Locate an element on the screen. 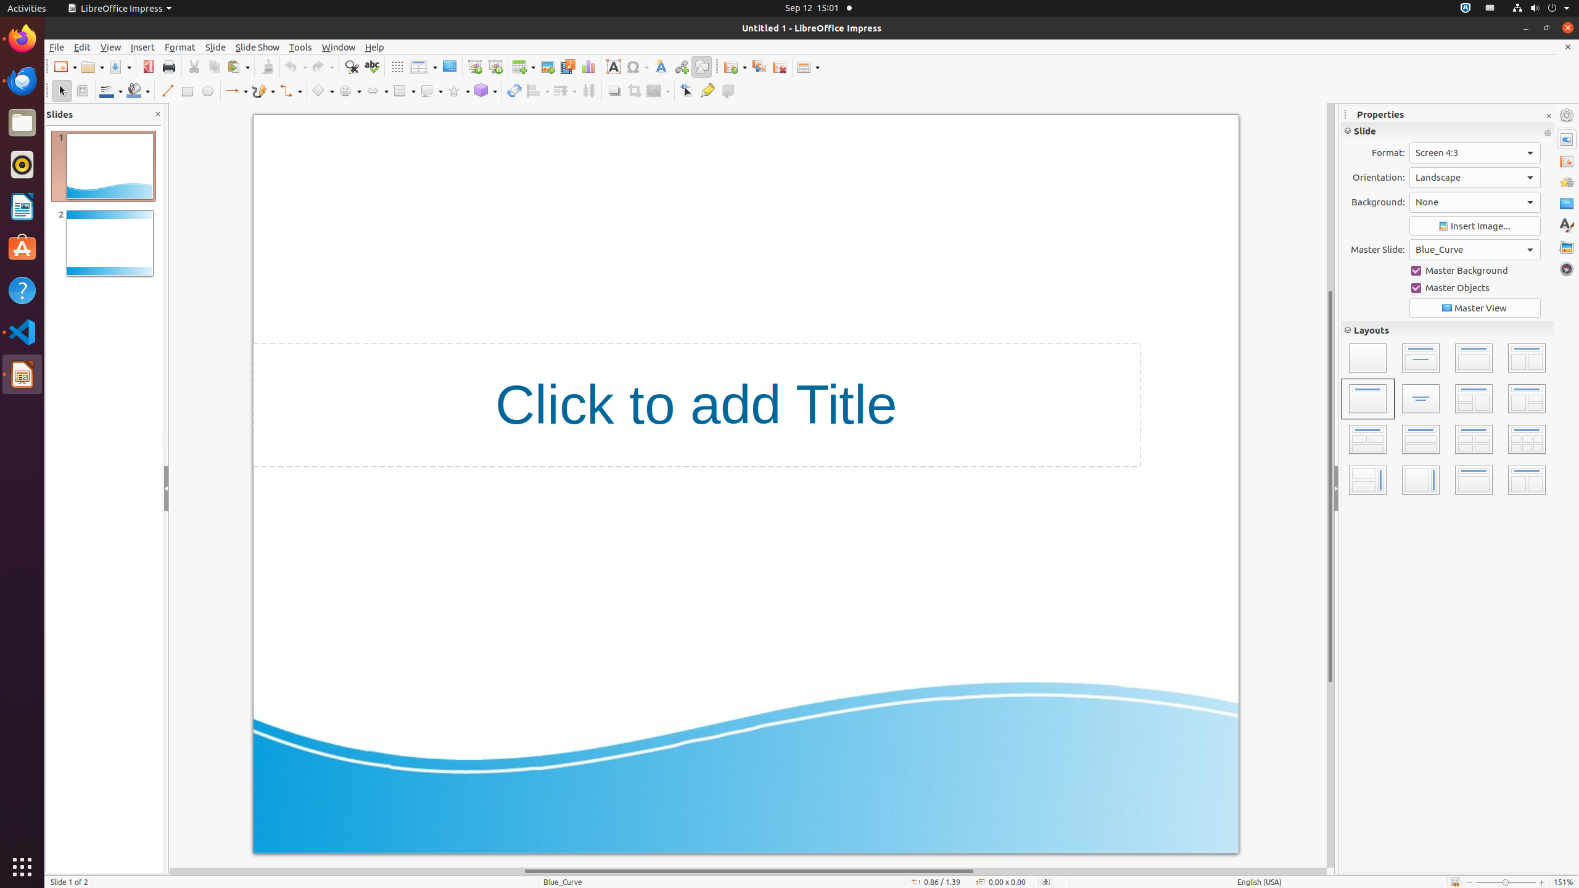 The height and width of the screenshot is (888, 1579). 'Star Shapes' is located at coordinates (457, 90).